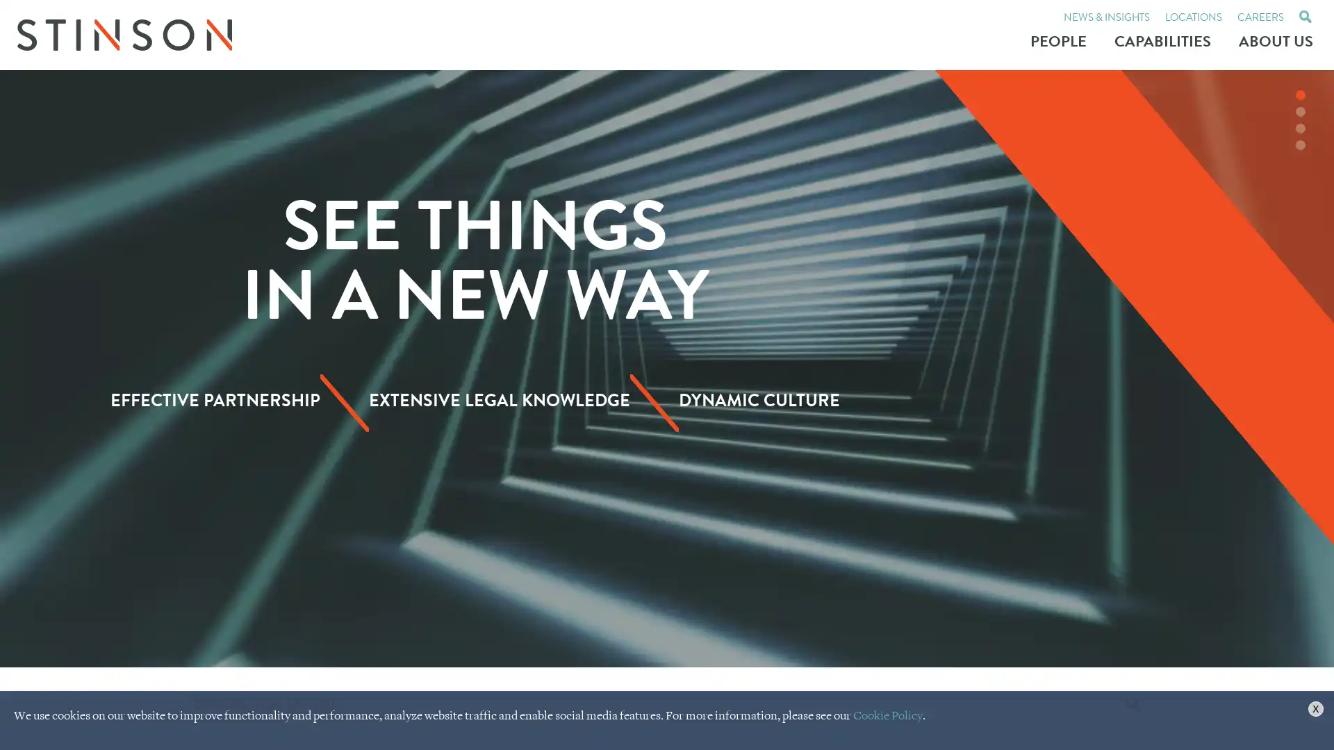 This screenshot has height=750, width=1334. I want to click on 4, so click(1300, 144).